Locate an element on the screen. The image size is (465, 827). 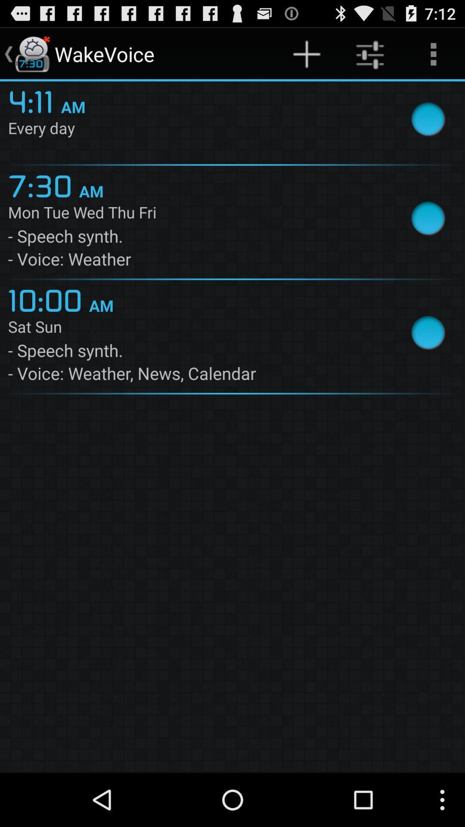
the app above the every day app is located at coordinates (306, 53).